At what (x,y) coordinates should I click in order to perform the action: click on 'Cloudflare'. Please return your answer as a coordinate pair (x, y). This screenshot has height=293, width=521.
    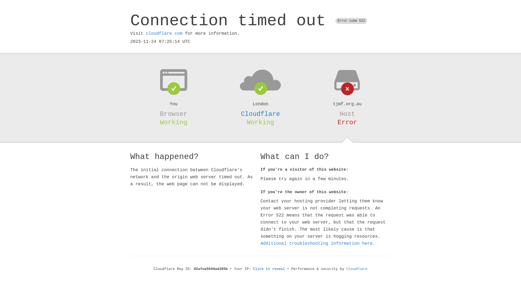
    Looking at the image, I should click on (260, 114).